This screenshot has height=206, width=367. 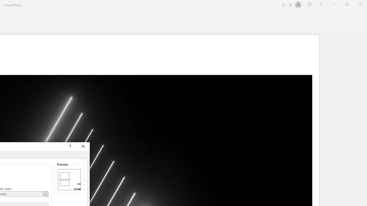 I want to click on 'Context help', so click(x=69, y=146).